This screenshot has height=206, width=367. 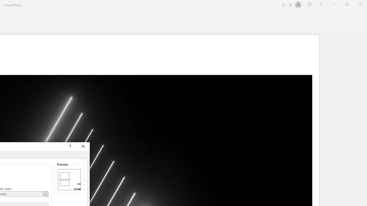 I want to click on 'Context help', so click(x=69, y=146).